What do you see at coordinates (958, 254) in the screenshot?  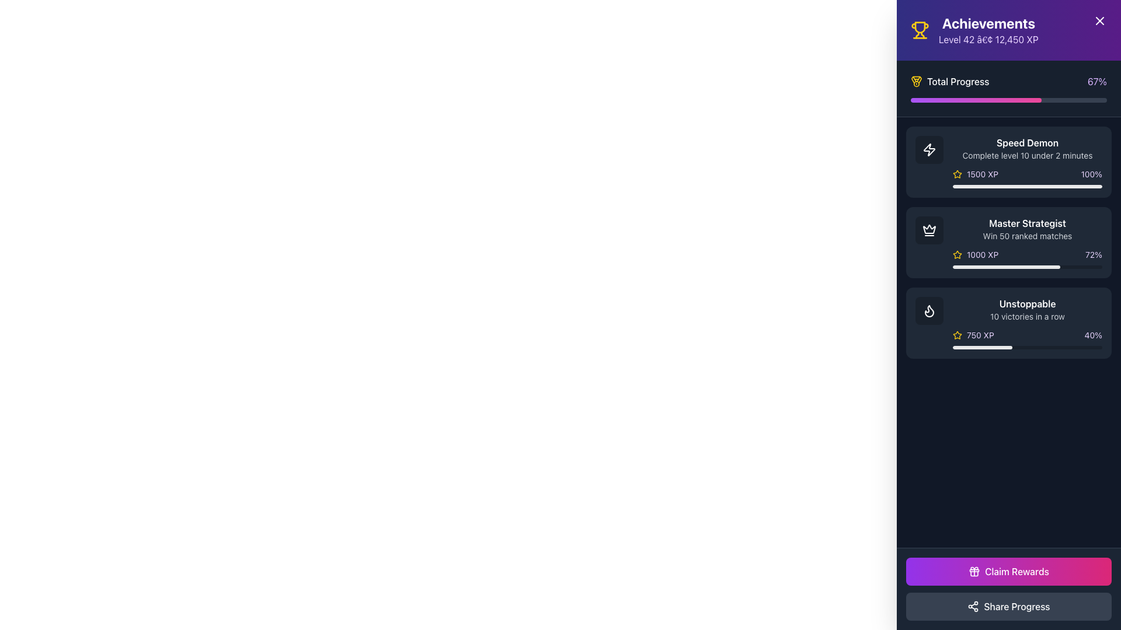 I see `the small yellow star icon located in the 'Master Strategist' card, positioned to the left of the '1000 XP' text` at bounding box center [958, 254].